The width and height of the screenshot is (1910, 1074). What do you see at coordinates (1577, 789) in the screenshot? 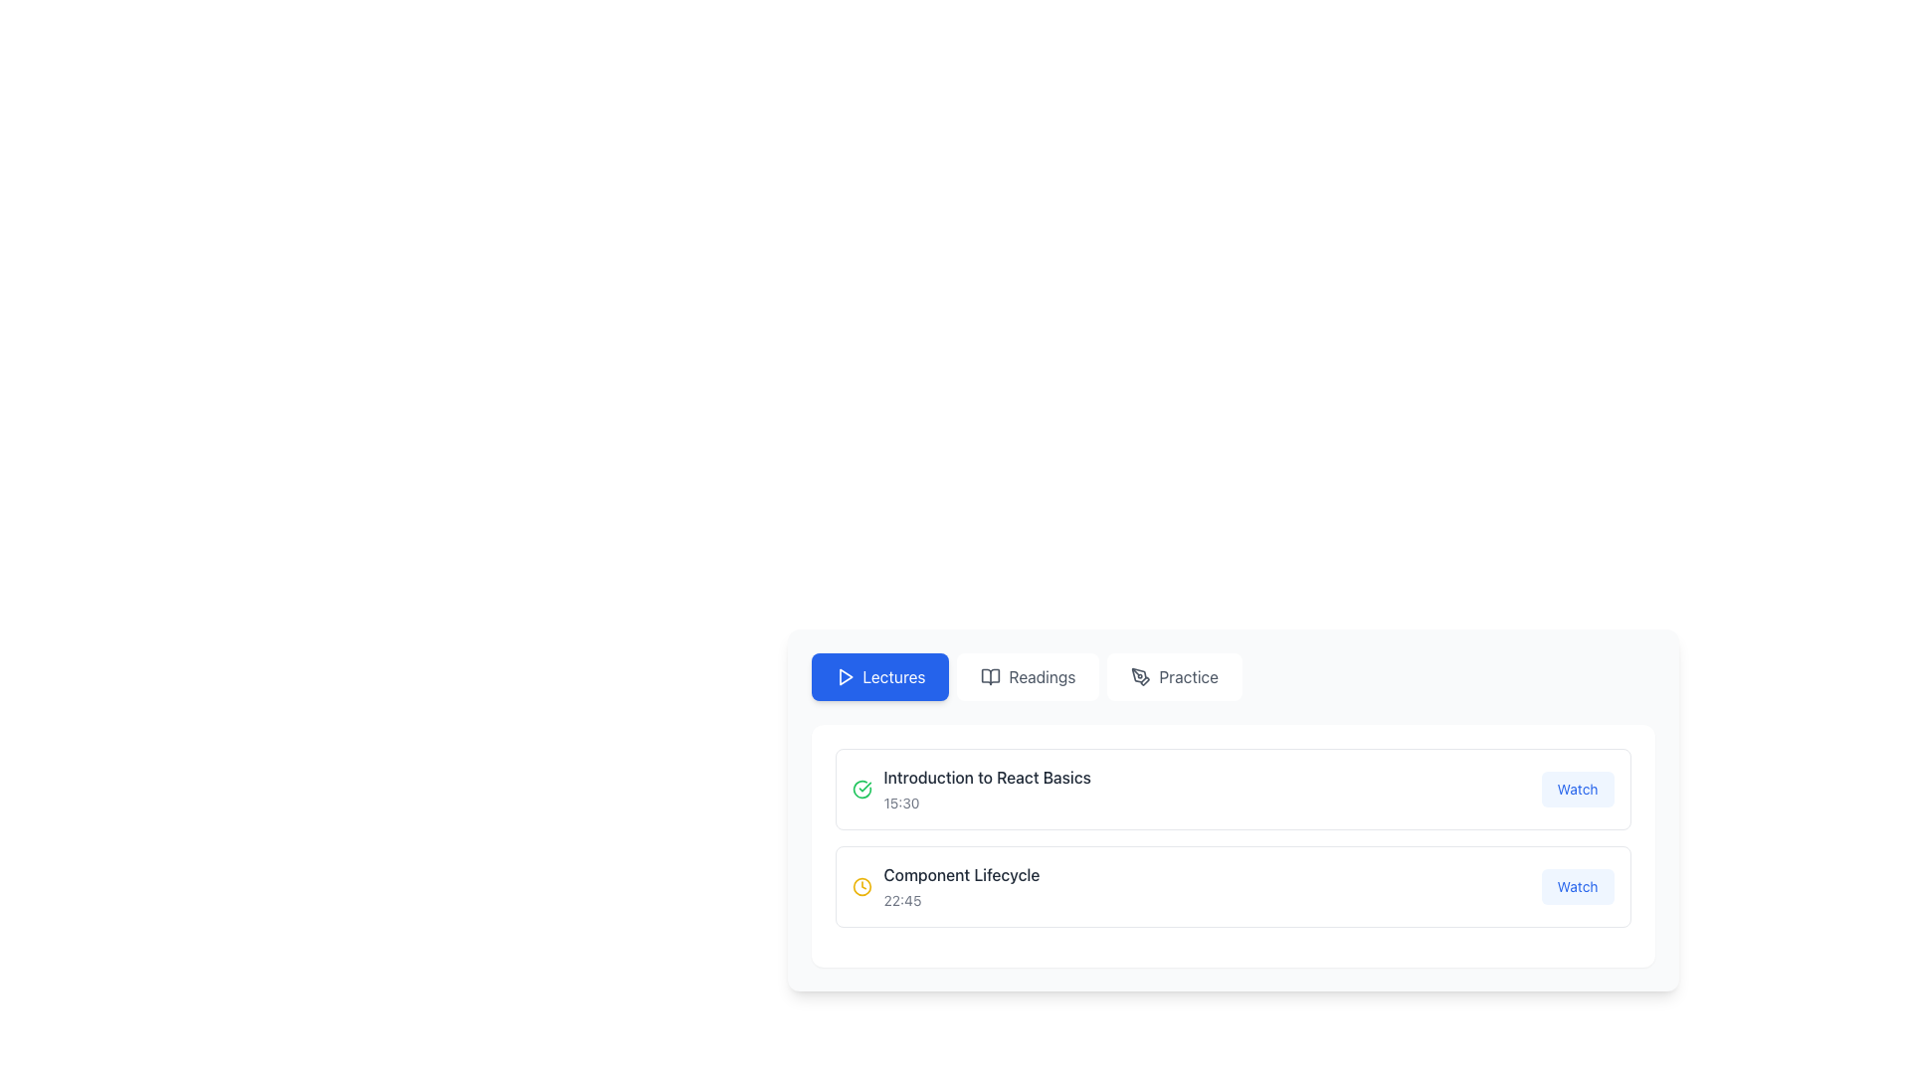
I see `the 'Watch' button with a light blue background and rounded corners to initiate the associated lecture playback` at bounding box center [1577, 789].